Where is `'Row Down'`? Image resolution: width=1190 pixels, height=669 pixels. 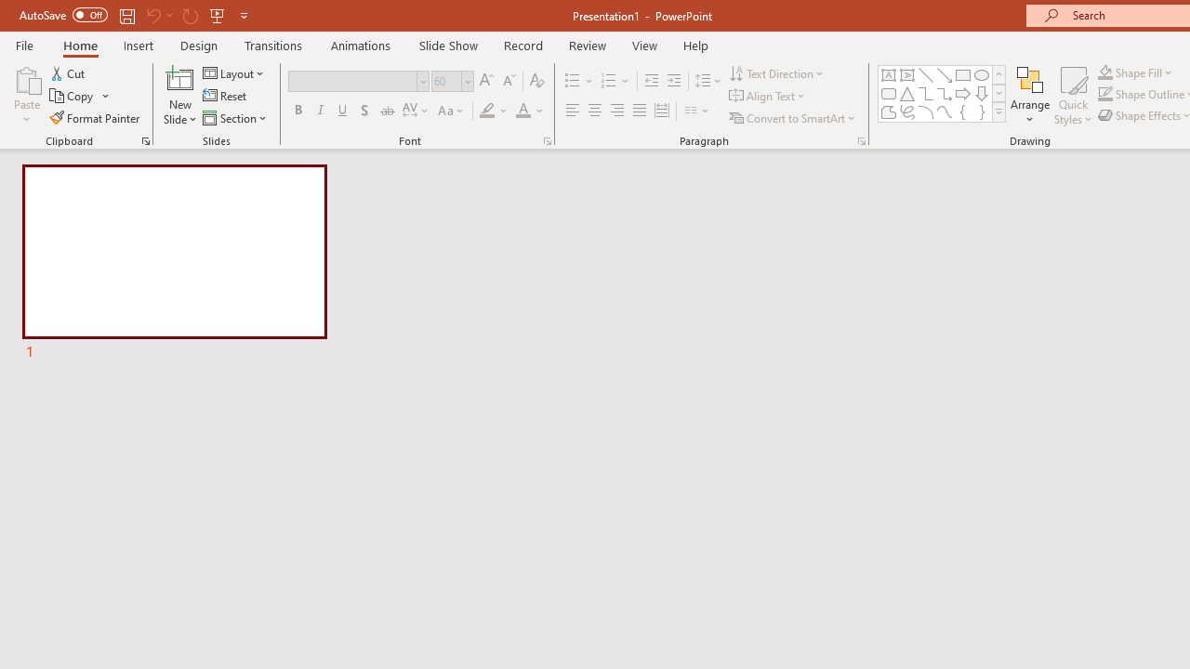 'Row Down' is located at coordinates (998, 93).